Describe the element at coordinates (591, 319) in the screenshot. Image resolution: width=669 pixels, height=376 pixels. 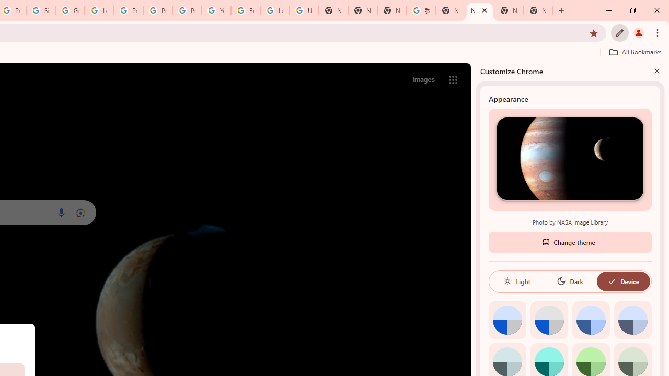
I see `'Blue'` at that location.